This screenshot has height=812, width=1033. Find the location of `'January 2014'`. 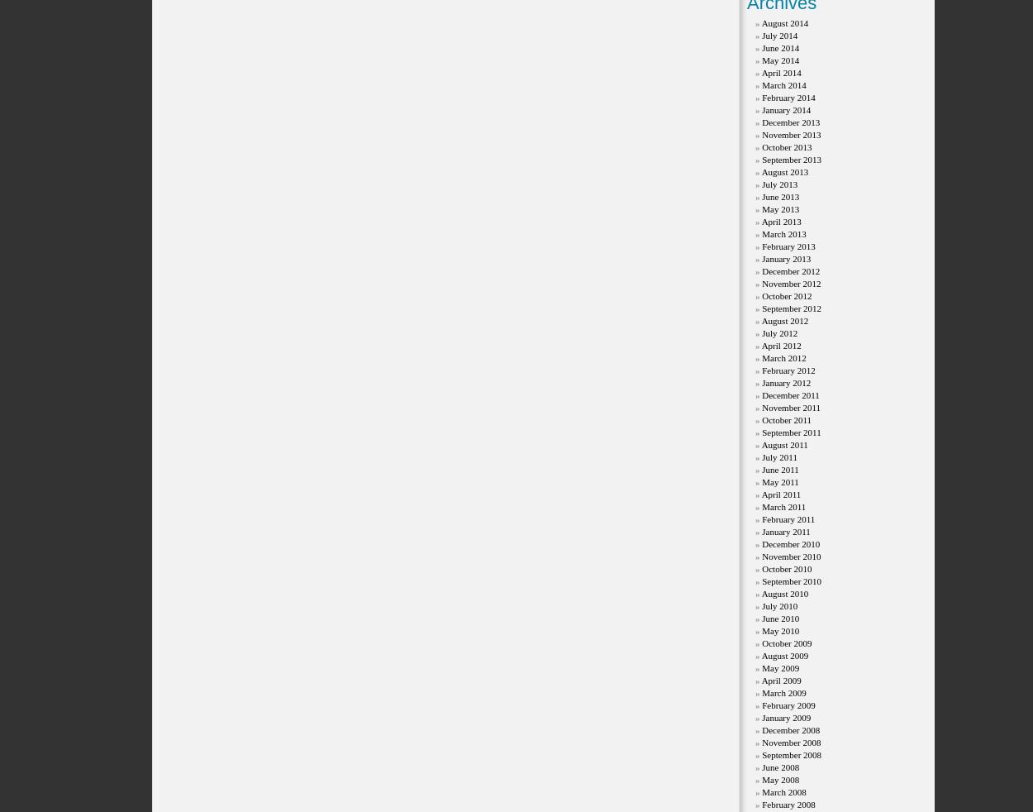

'January 2014' is located at coordinates (785, 108).